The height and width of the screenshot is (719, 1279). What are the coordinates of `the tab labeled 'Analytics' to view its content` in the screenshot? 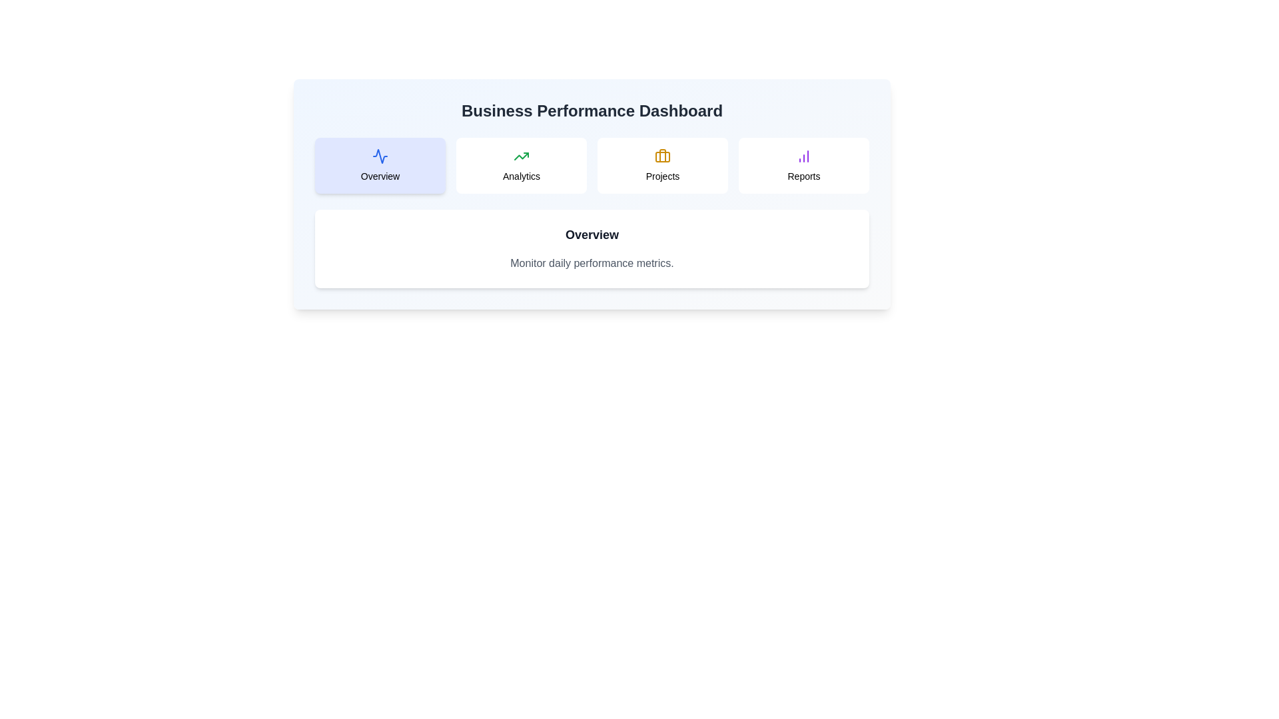 It's located at (520, 165).